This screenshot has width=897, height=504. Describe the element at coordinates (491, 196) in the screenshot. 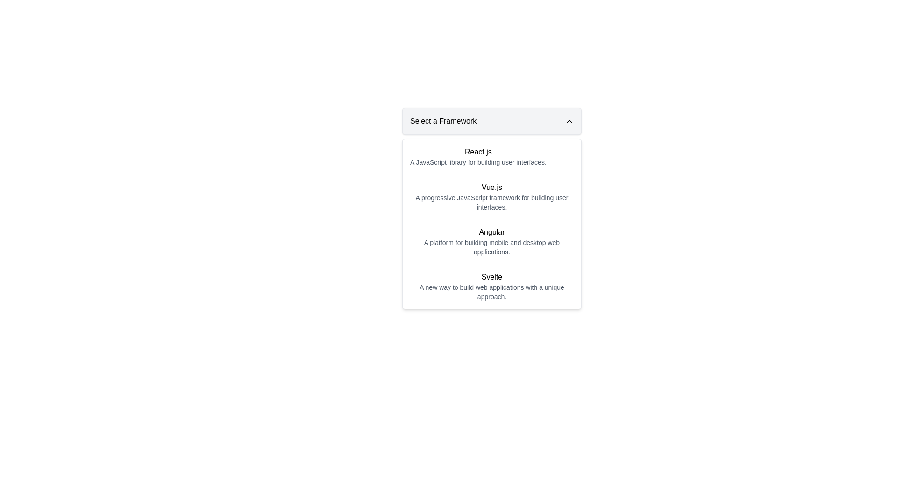

I see `the second item in the list, titled 'Vue.js', to highlight the selection` at that location.